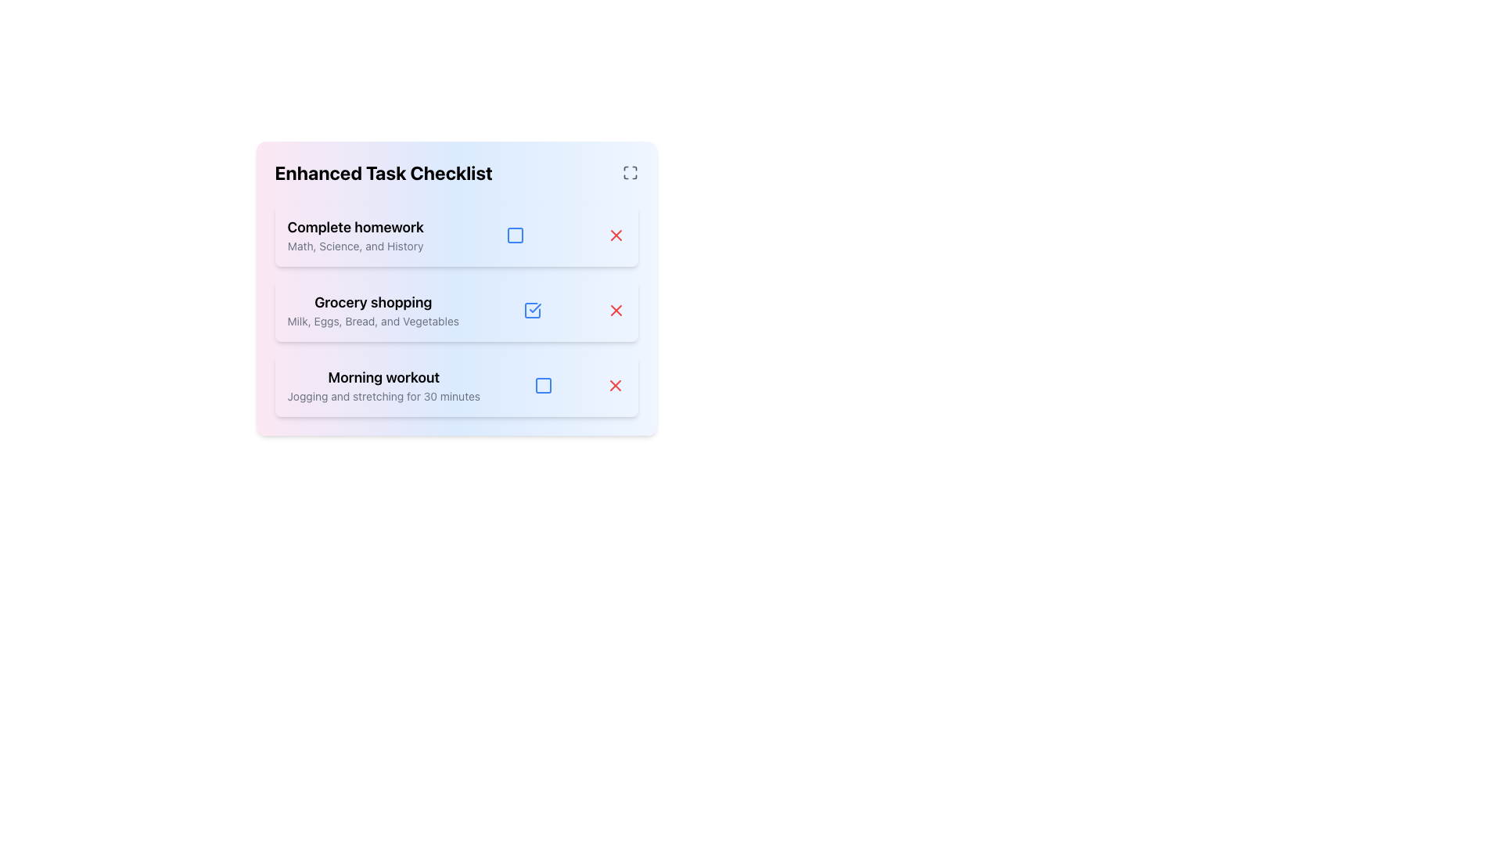 The image size is (1502, 845). What do you see at coordinates (383, 395) in the screenshot?
I see `the informational text element that provides additional details about the 'Morning workout' task, located below the 'Morning workout' title` at bounding box center [383, 395].